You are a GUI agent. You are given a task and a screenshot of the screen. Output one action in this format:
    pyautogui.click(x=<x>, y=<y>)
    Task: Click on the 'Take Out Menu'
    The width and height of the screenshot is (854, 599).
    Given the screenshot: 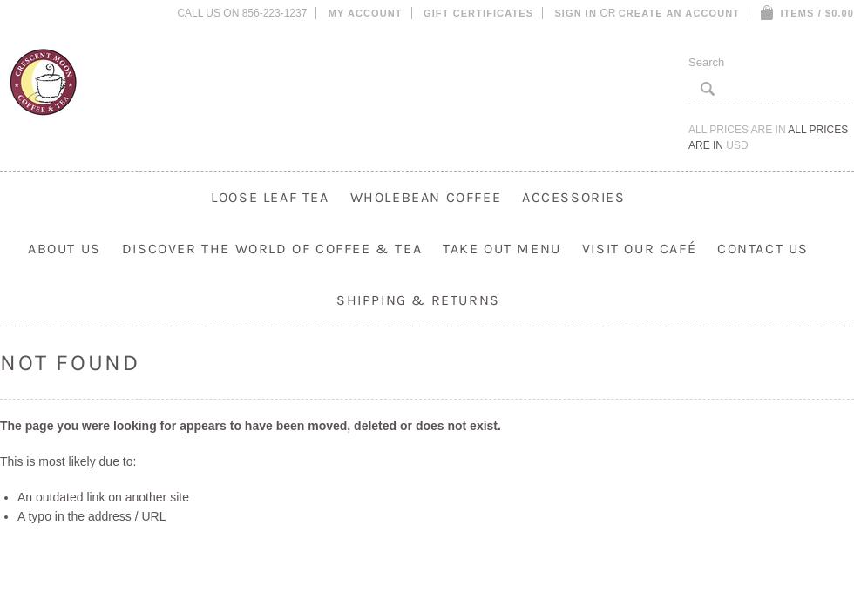 What is the action you would take?
    pyautogui.click(x=501, y=247)
    